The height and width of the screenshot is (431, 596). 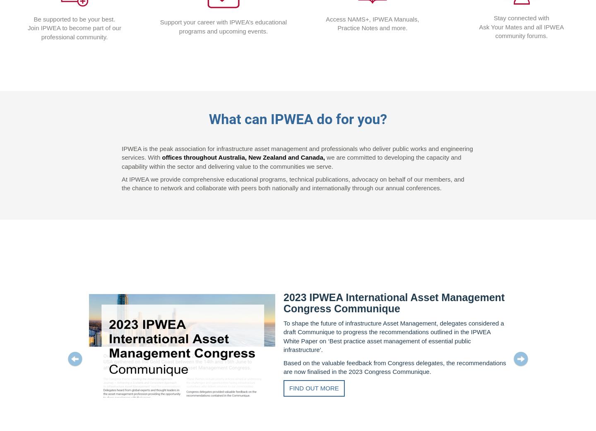 What do you see at coordinates (224, 157) in the screenshot?
I see `'offices throughout Australia, New Zealand'` at bounding box center [224, 157].